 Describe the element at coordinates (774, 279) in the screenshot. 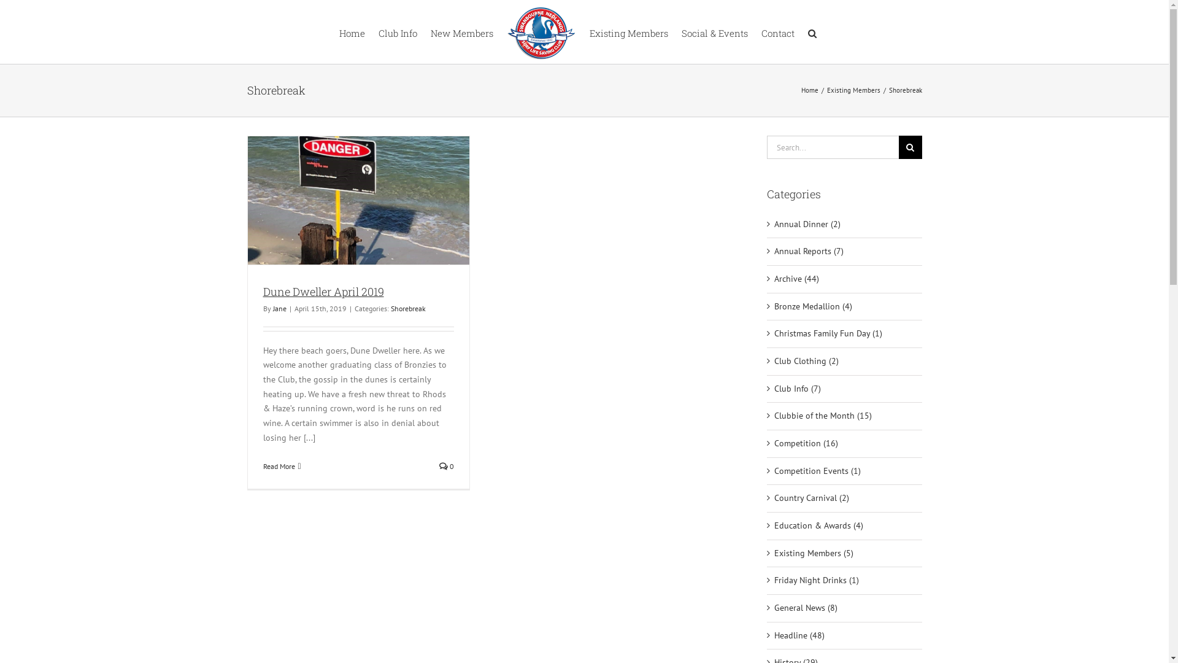

I see `'Archive (44)'` at that location.